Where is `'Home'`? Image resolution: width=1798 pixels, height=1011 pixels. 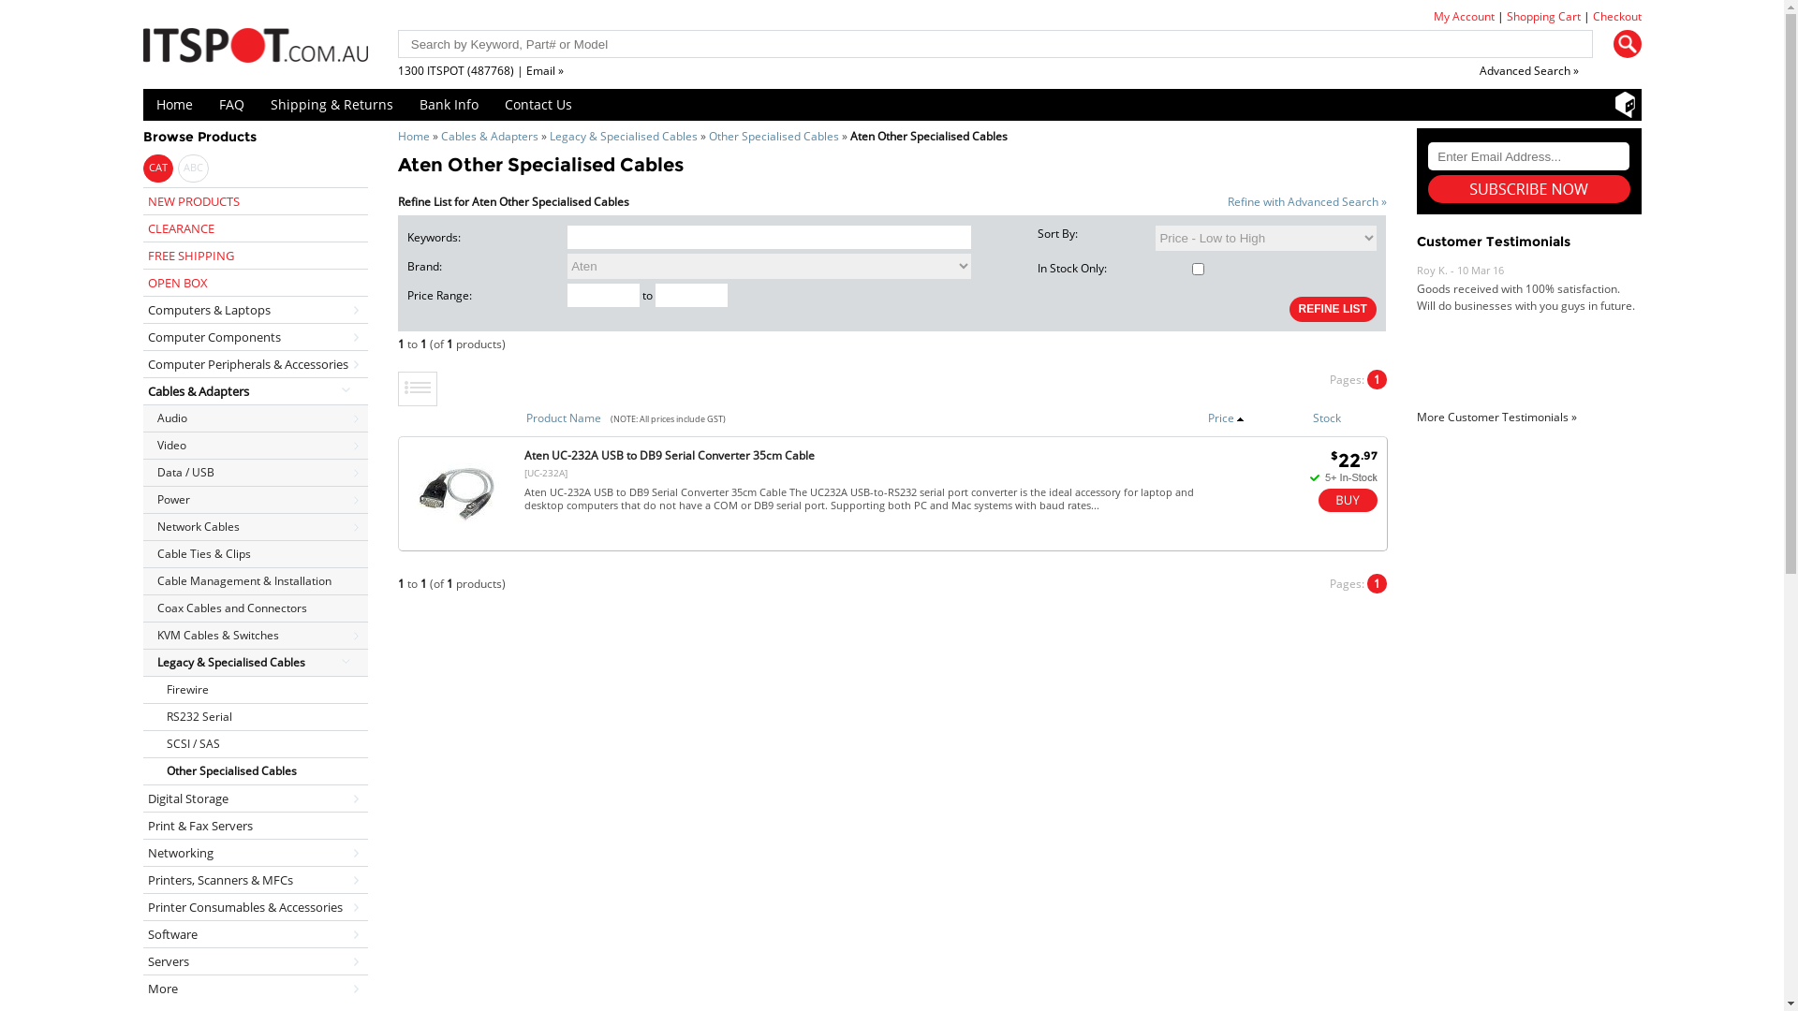 'Home' is located at coordinates (141, 104).